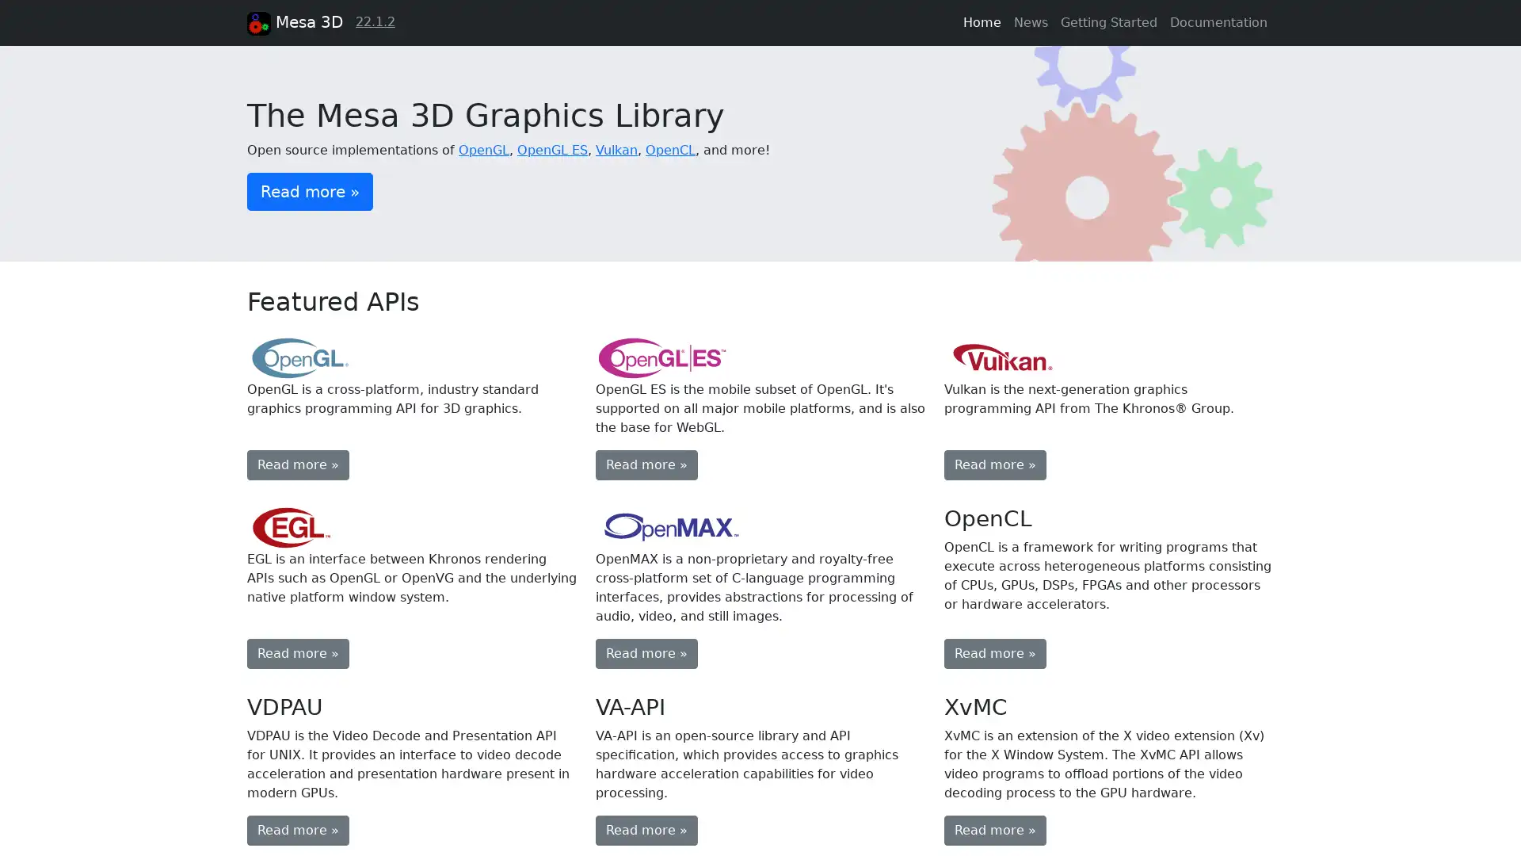 Image resolution: width=1521 pixels, height=856 pixels. What do you see at coordinates (298, 464) in the screenshot?
I see `Read more` at bounding box center [298, 464].